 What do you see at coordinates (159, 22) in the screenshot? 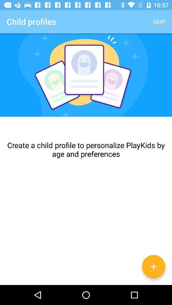
I see `skip icon` at bounding box center [159, 22].